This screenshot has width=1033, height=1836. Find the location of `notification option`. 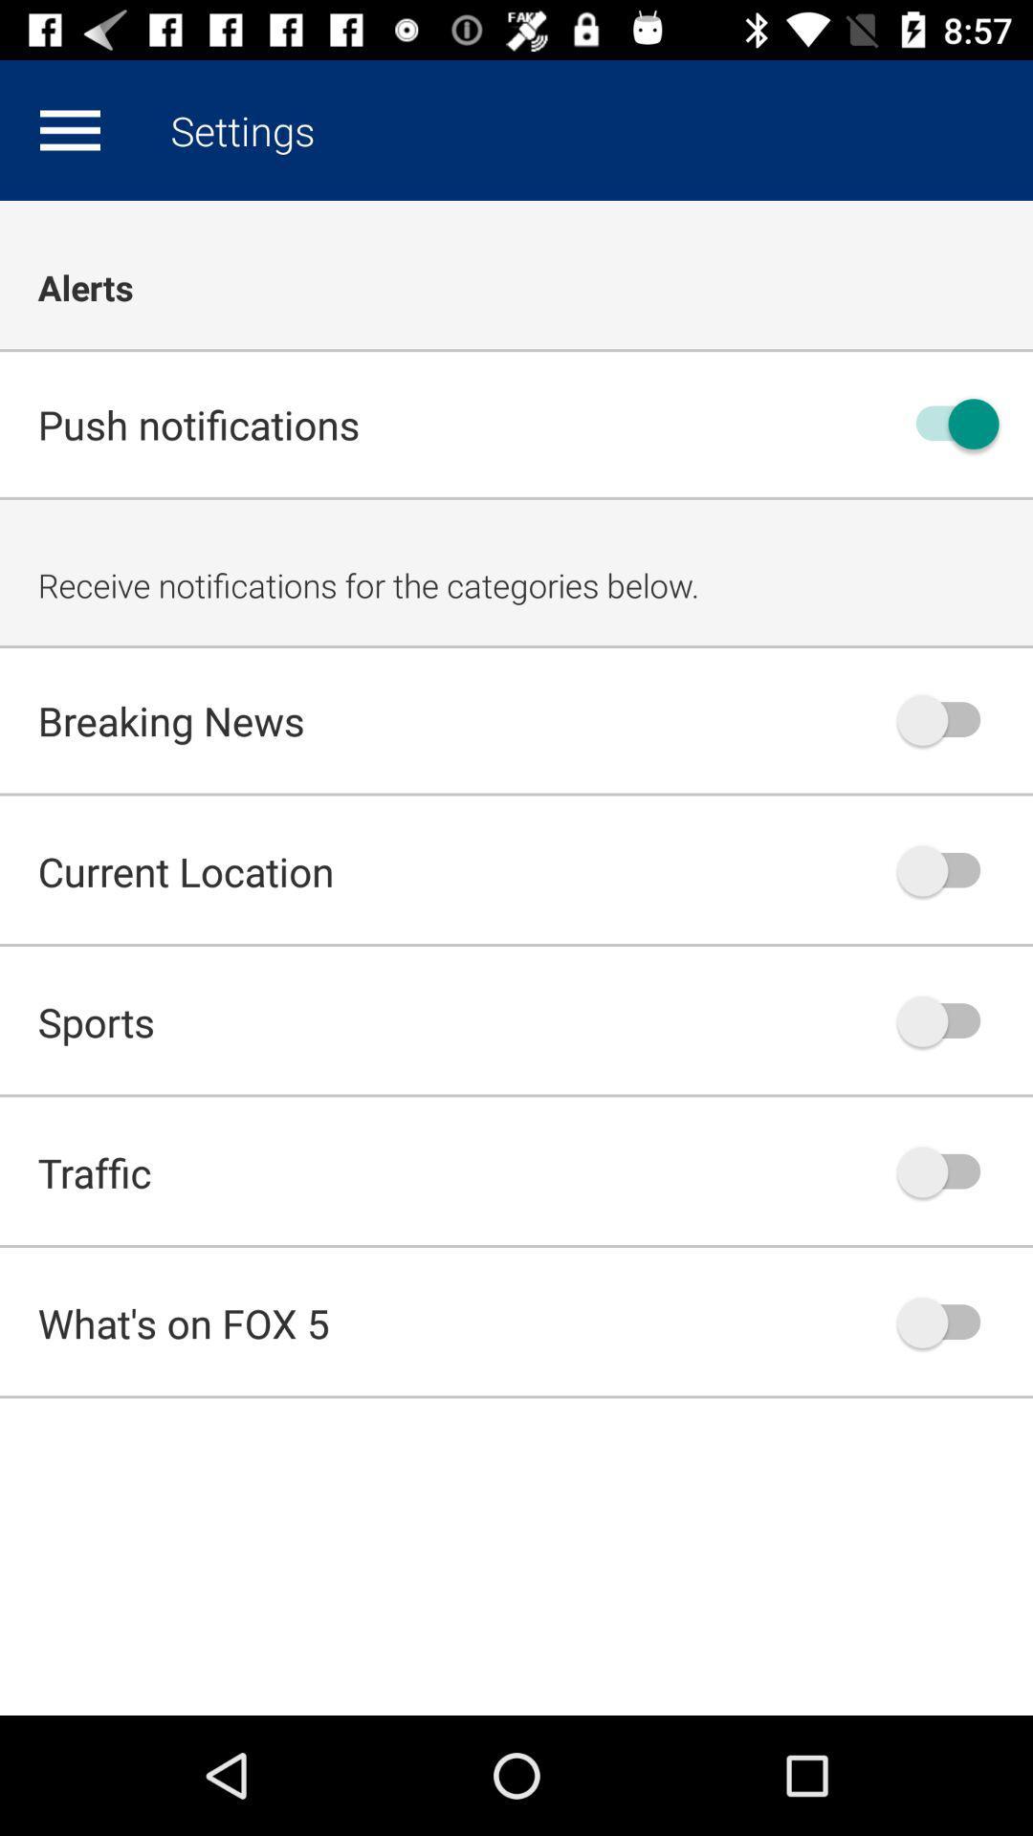

notification option is located at coordinates (948, 1322).